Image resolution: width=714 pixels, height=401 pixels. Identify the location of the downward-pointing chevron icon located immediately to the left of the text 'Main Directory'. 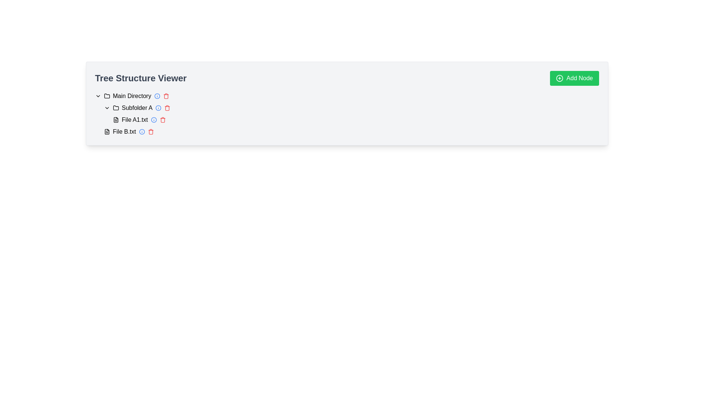
(97, 95).